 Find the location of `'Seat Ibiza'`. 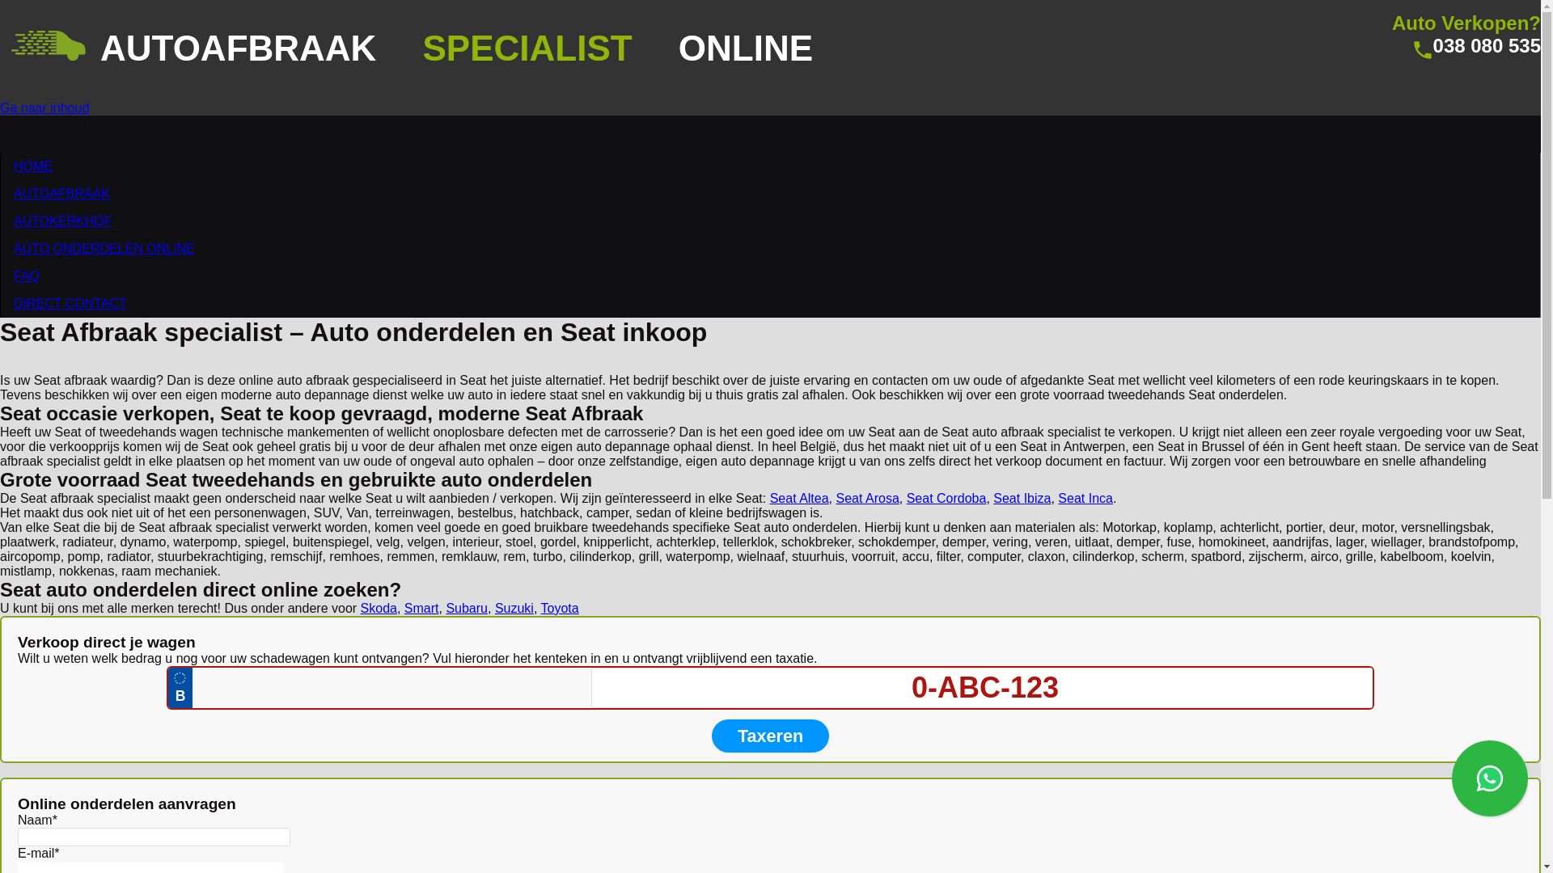

'Seat Ibiza' is located at coordinates (992, 497).